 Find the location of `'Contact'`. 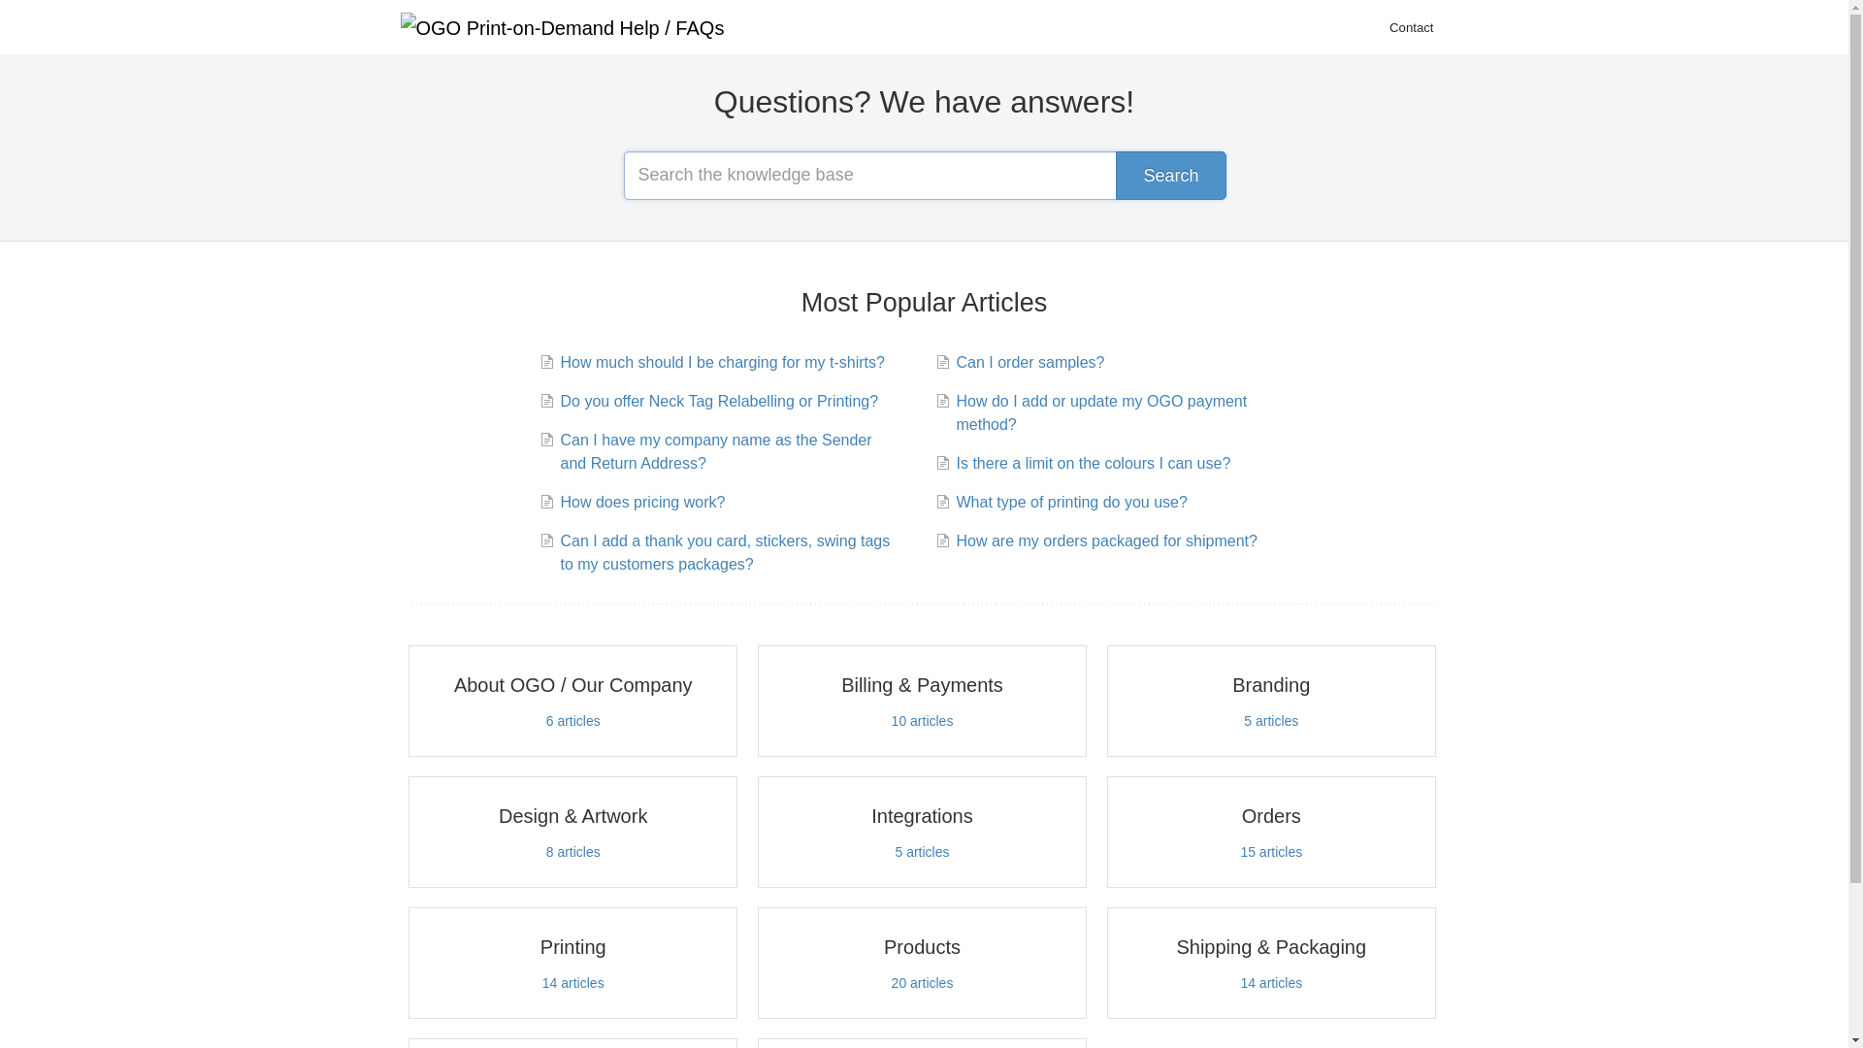

'Contact' is located at coordinates (1411, 28).